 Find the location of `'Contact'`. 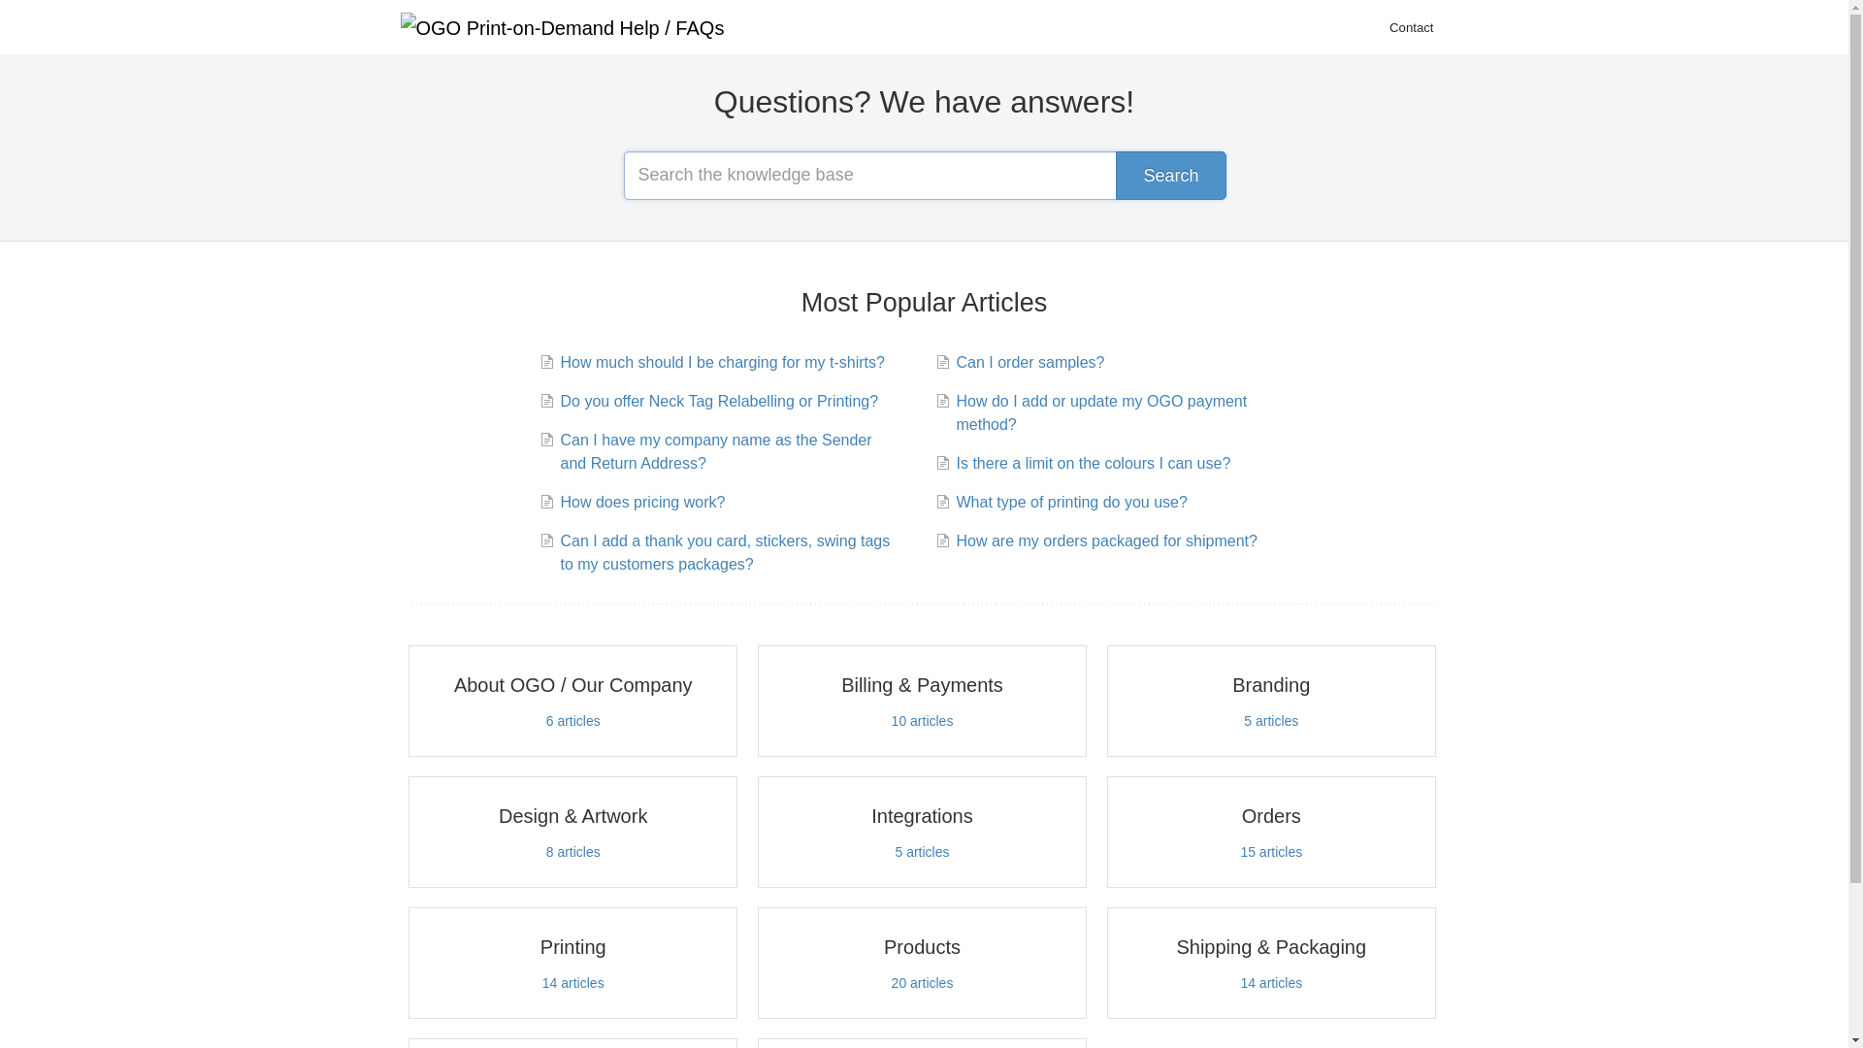

'Contact' is located at coordinates (1411, 28).